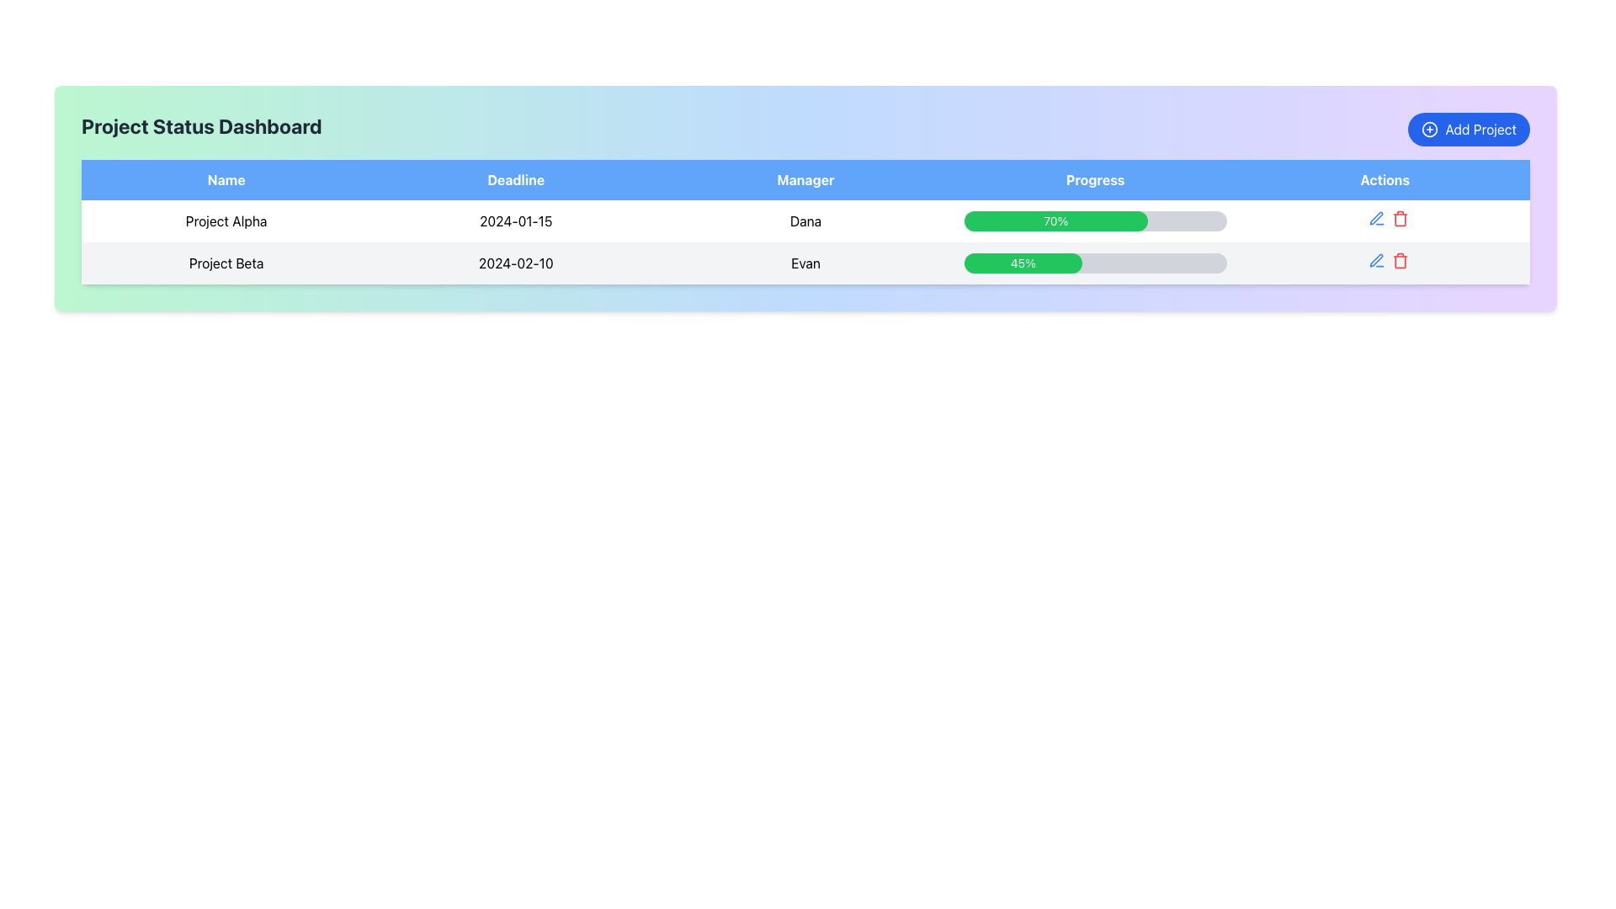 Image resolution: width=1616 pixels, height=909 pixels. Describe the element at coordinates (1095, 220) in the screenshot. I see `displayed progress value of the horizontal progress bar labeled '70%' in the first row of the 'Progress' column` at that location.